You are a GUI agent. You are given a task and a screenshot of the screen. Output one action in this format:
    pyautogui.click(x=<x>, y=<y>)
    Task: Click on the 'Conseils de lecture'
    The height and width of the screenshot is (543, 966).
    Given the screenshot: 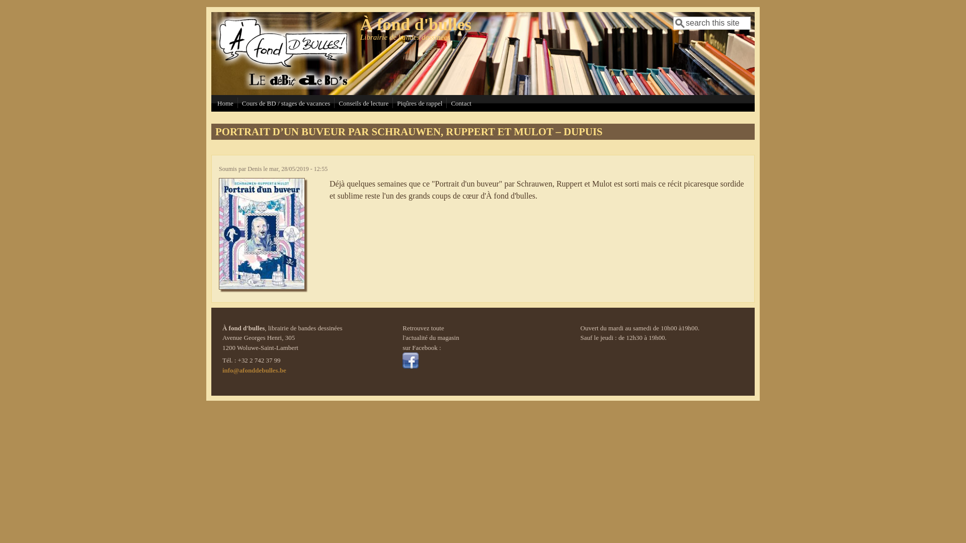 What is the action you would take?
    pyautogui.click(x=336, y=103)
    